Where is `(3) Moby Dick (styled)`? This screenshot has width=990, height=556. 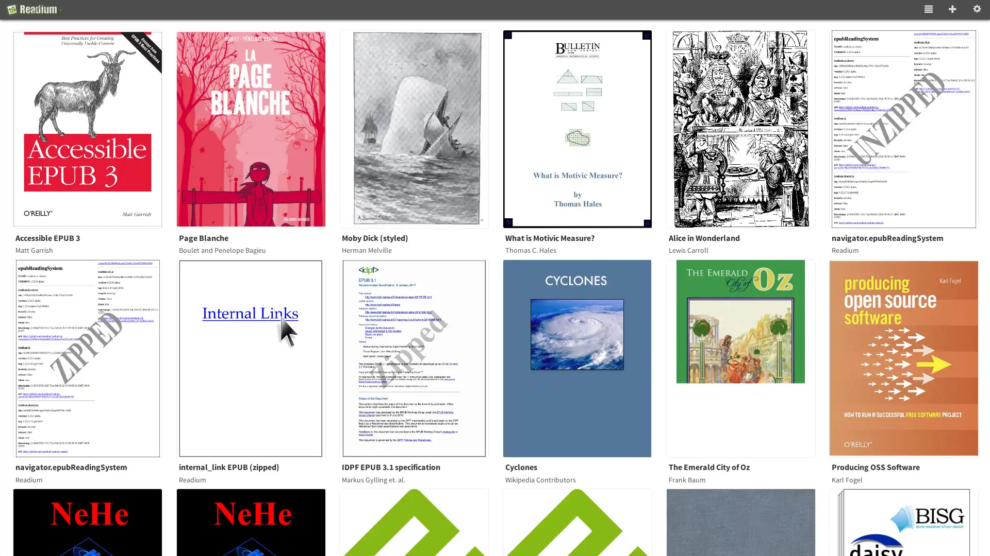 (3) Moby Dick (styled) is located at coordinates (420, 128).